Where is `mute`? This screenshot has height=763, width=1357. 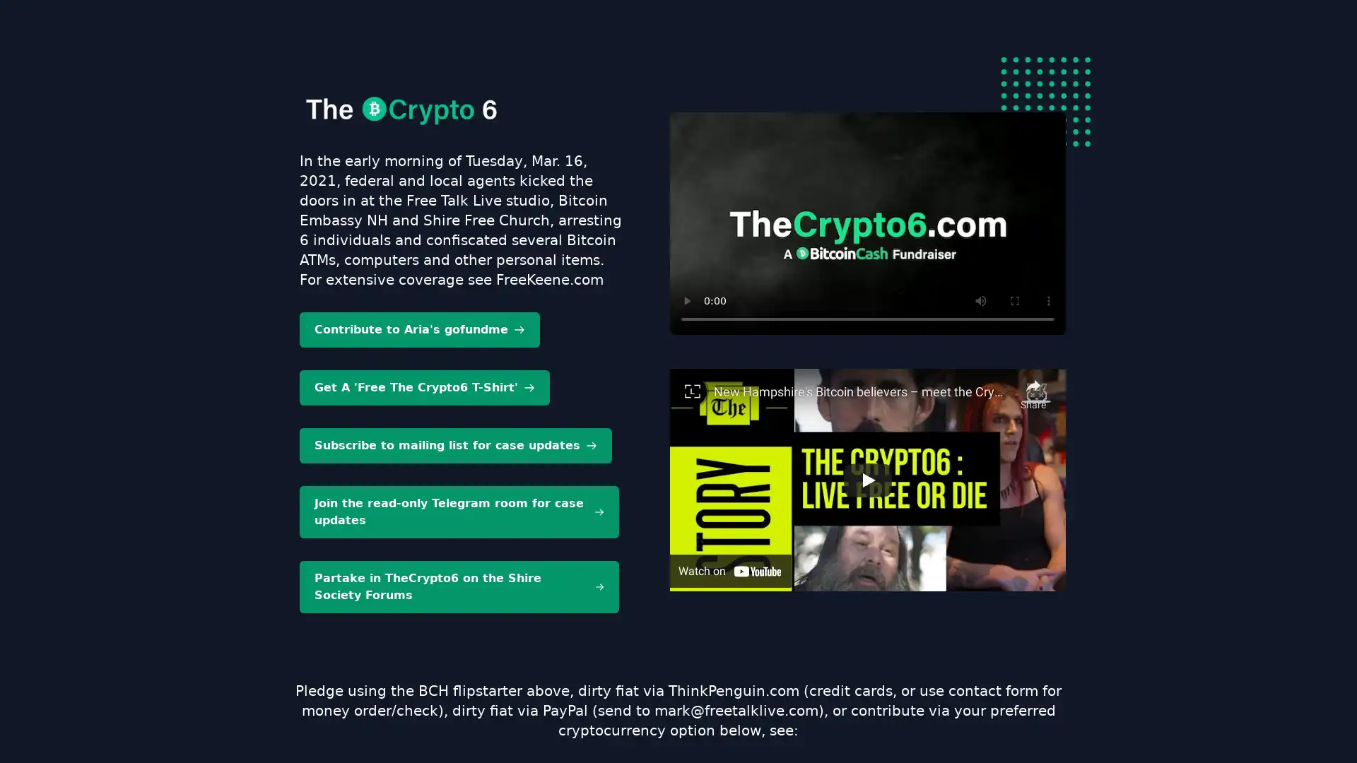 mute is located at coordinates (980, 300).